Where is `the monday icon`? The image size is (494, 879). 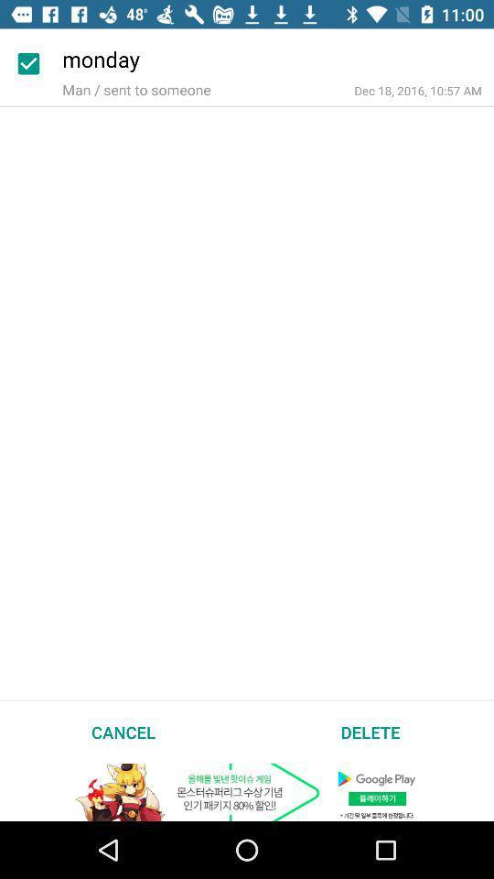 the monday icon is located at coordinates (277, 57).